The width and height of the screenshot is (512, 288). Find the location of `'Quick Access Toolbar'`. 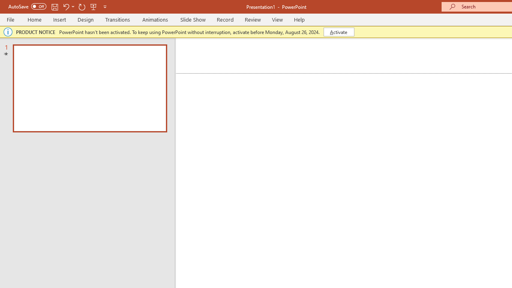

'Quick Access Toolbar' is located at coordinates (58, 6).